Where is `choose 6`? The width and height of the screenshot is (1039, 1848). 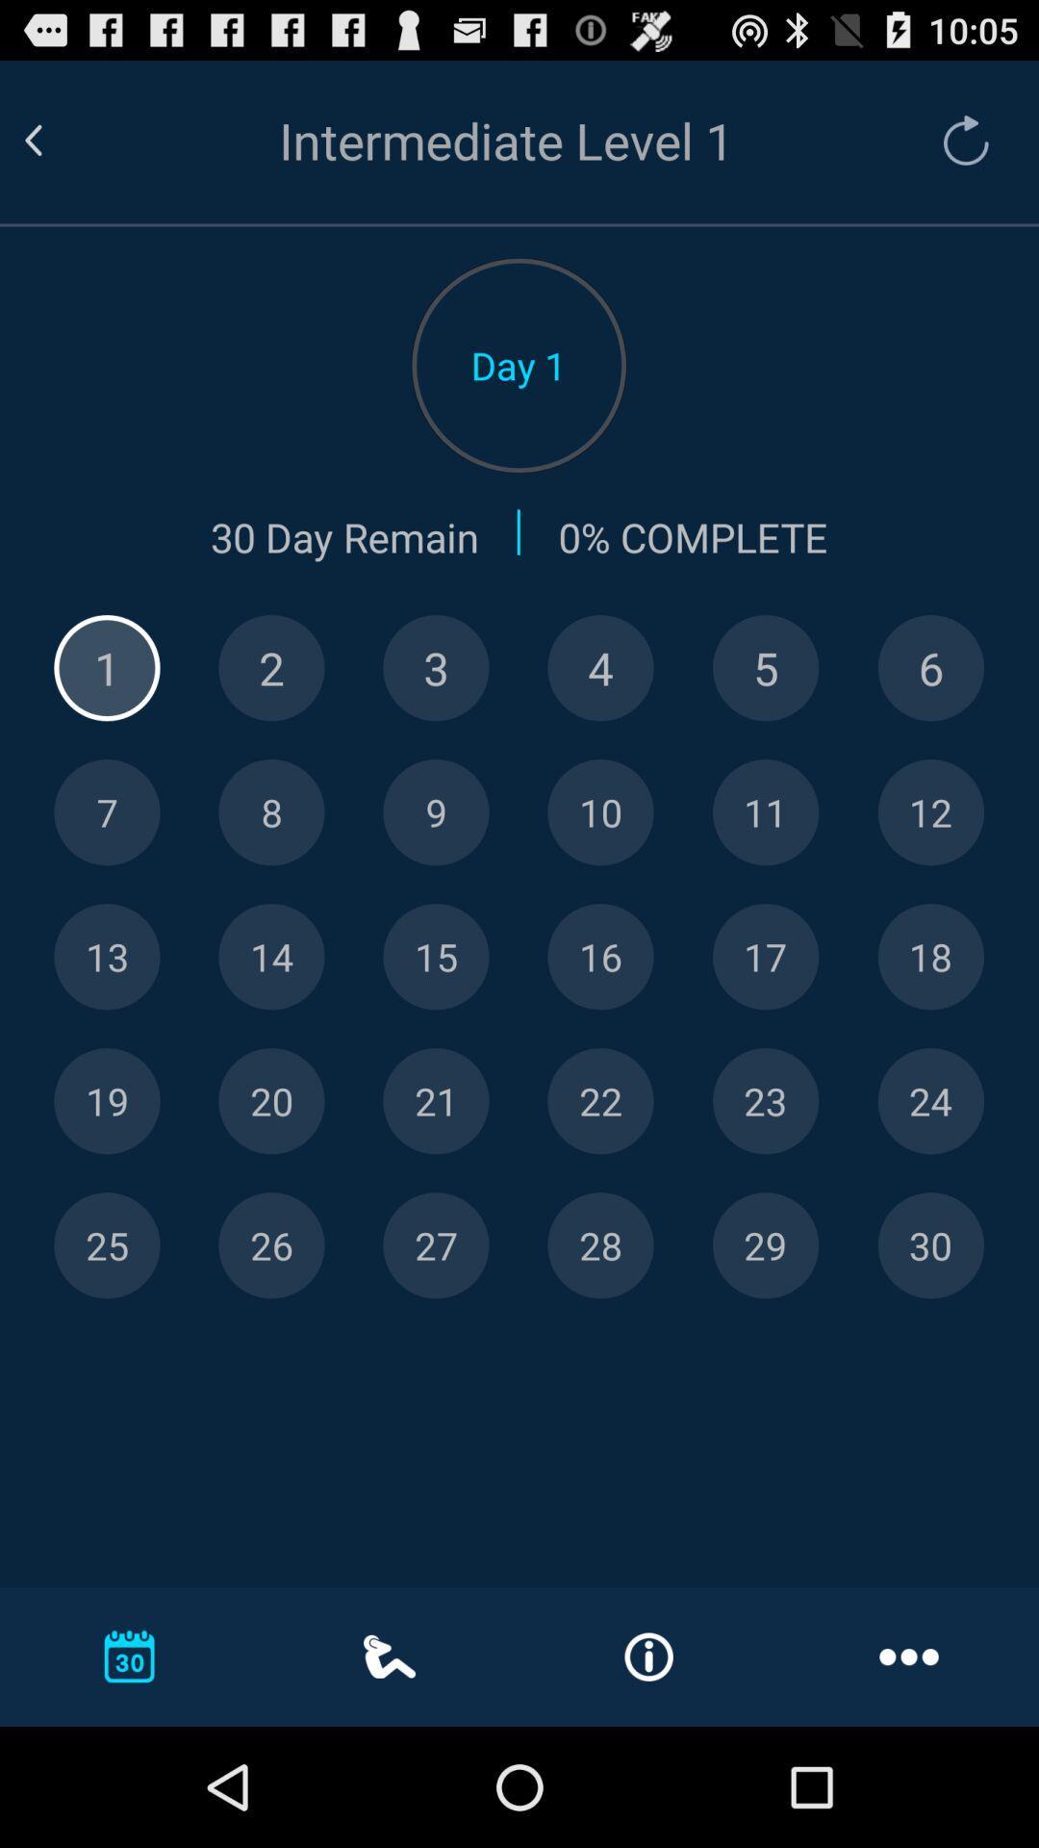
choose 6 is located at coordinates (929, 668).